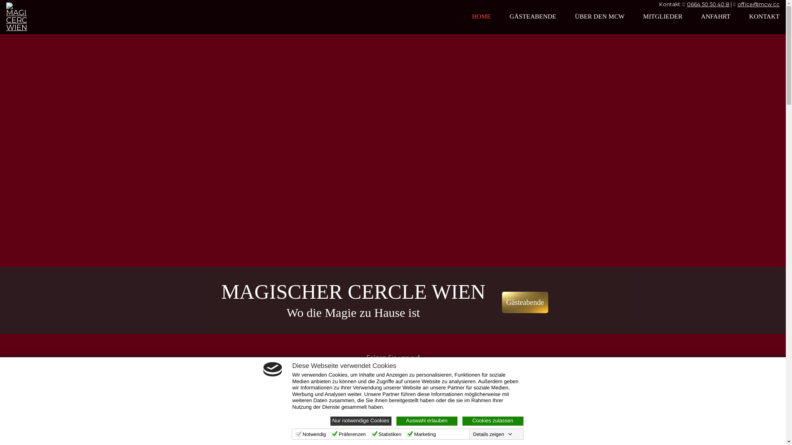 This screenshot has width=792, height=445. I want to click on 'Cookies zulassen', so click(493, 421).